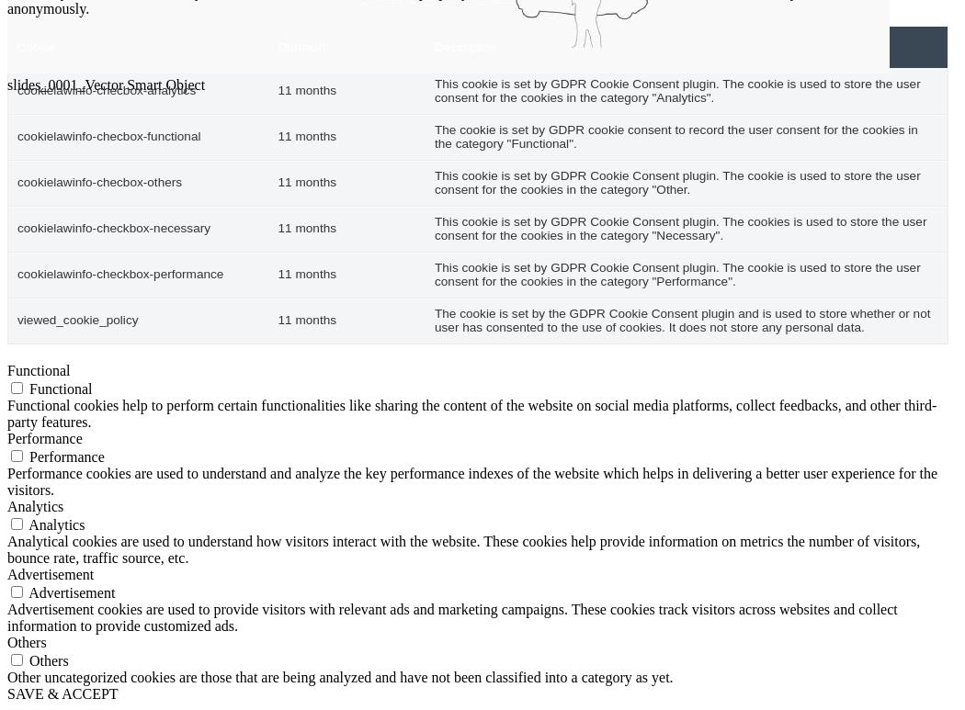  Describe the element at coordinates (675, 90) in the screenshot. I see `'This cookie is set by GDPR Cookie Consent plugin. The cookie is used to store the user consent for the cookies in the category "Analytics".'` at that location.